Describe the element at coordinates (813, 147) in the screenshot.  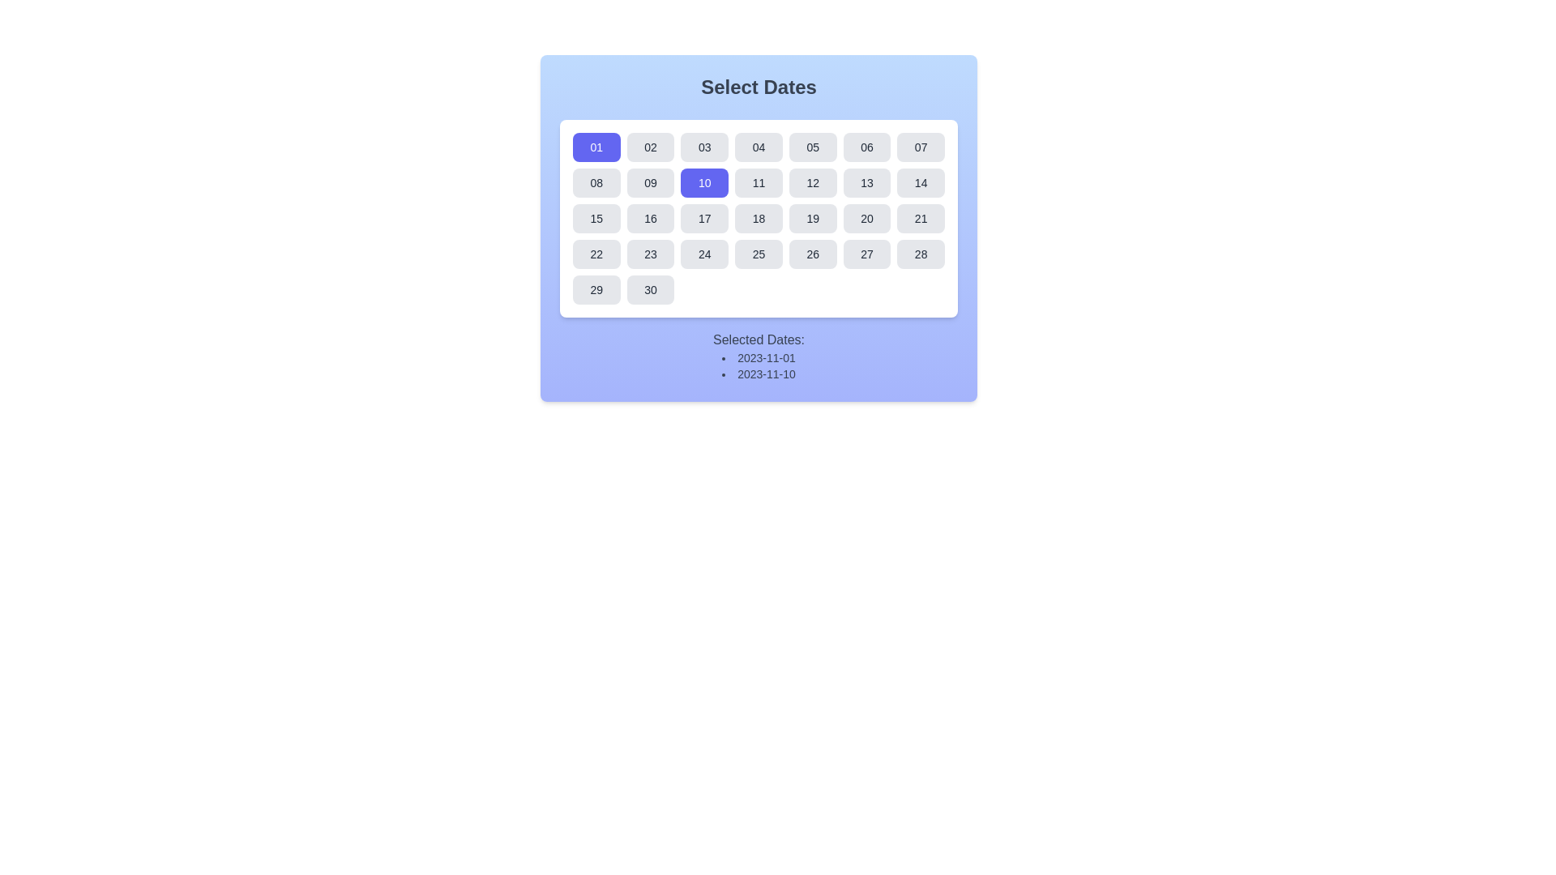
I see `the button representing the fifth day of the month in the calendar grid` at that location.